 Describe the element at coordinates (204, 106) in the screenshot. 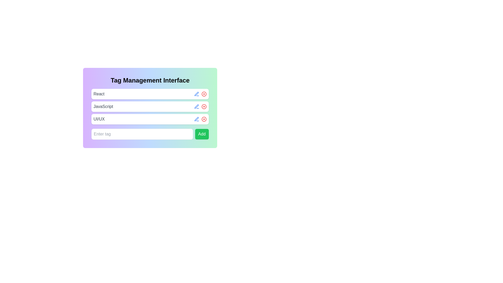

I see `the decorative SVG graphical circle that serves as a circular border for the delete icon, located to the right of the 'JavaScript' text input` at that location.